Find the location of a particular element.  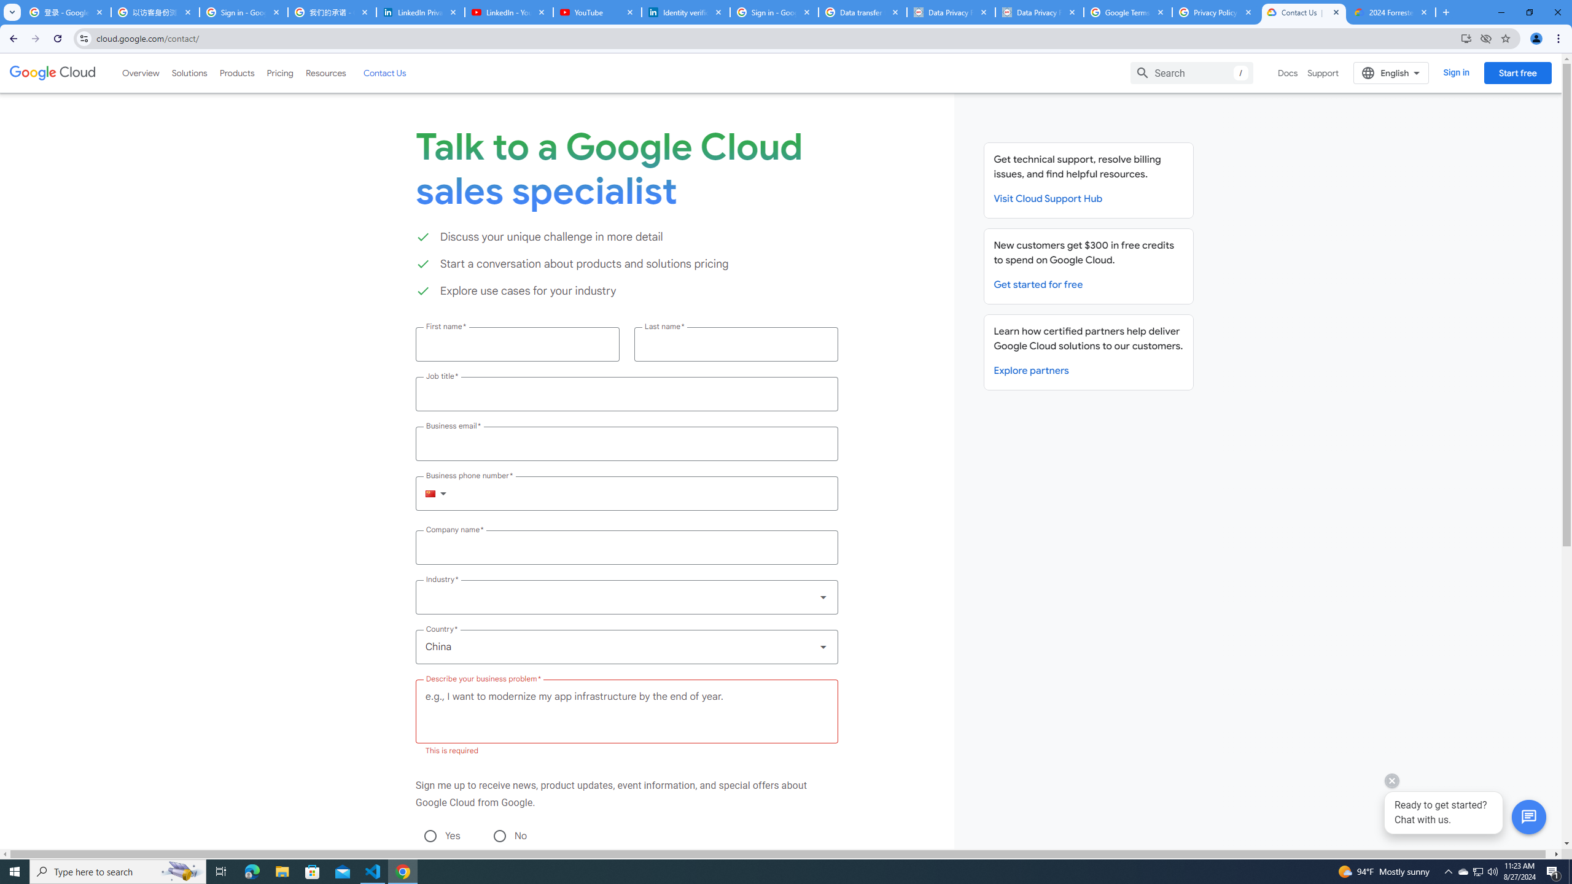

'Sign in - Google Accounts' is located at coordinates (243, 12).